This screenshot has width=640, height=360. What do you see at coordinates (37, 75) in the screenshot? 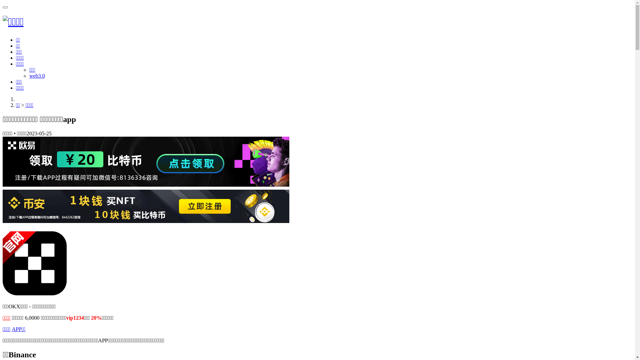
I see `'web3.0'` at bounding box center [37, 75].